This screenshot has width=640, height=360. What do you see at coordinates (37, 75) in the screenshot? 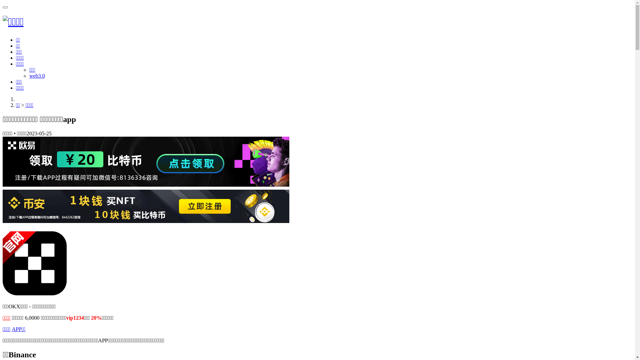
I see `'web3.0'` at bounding box center [37, 75].